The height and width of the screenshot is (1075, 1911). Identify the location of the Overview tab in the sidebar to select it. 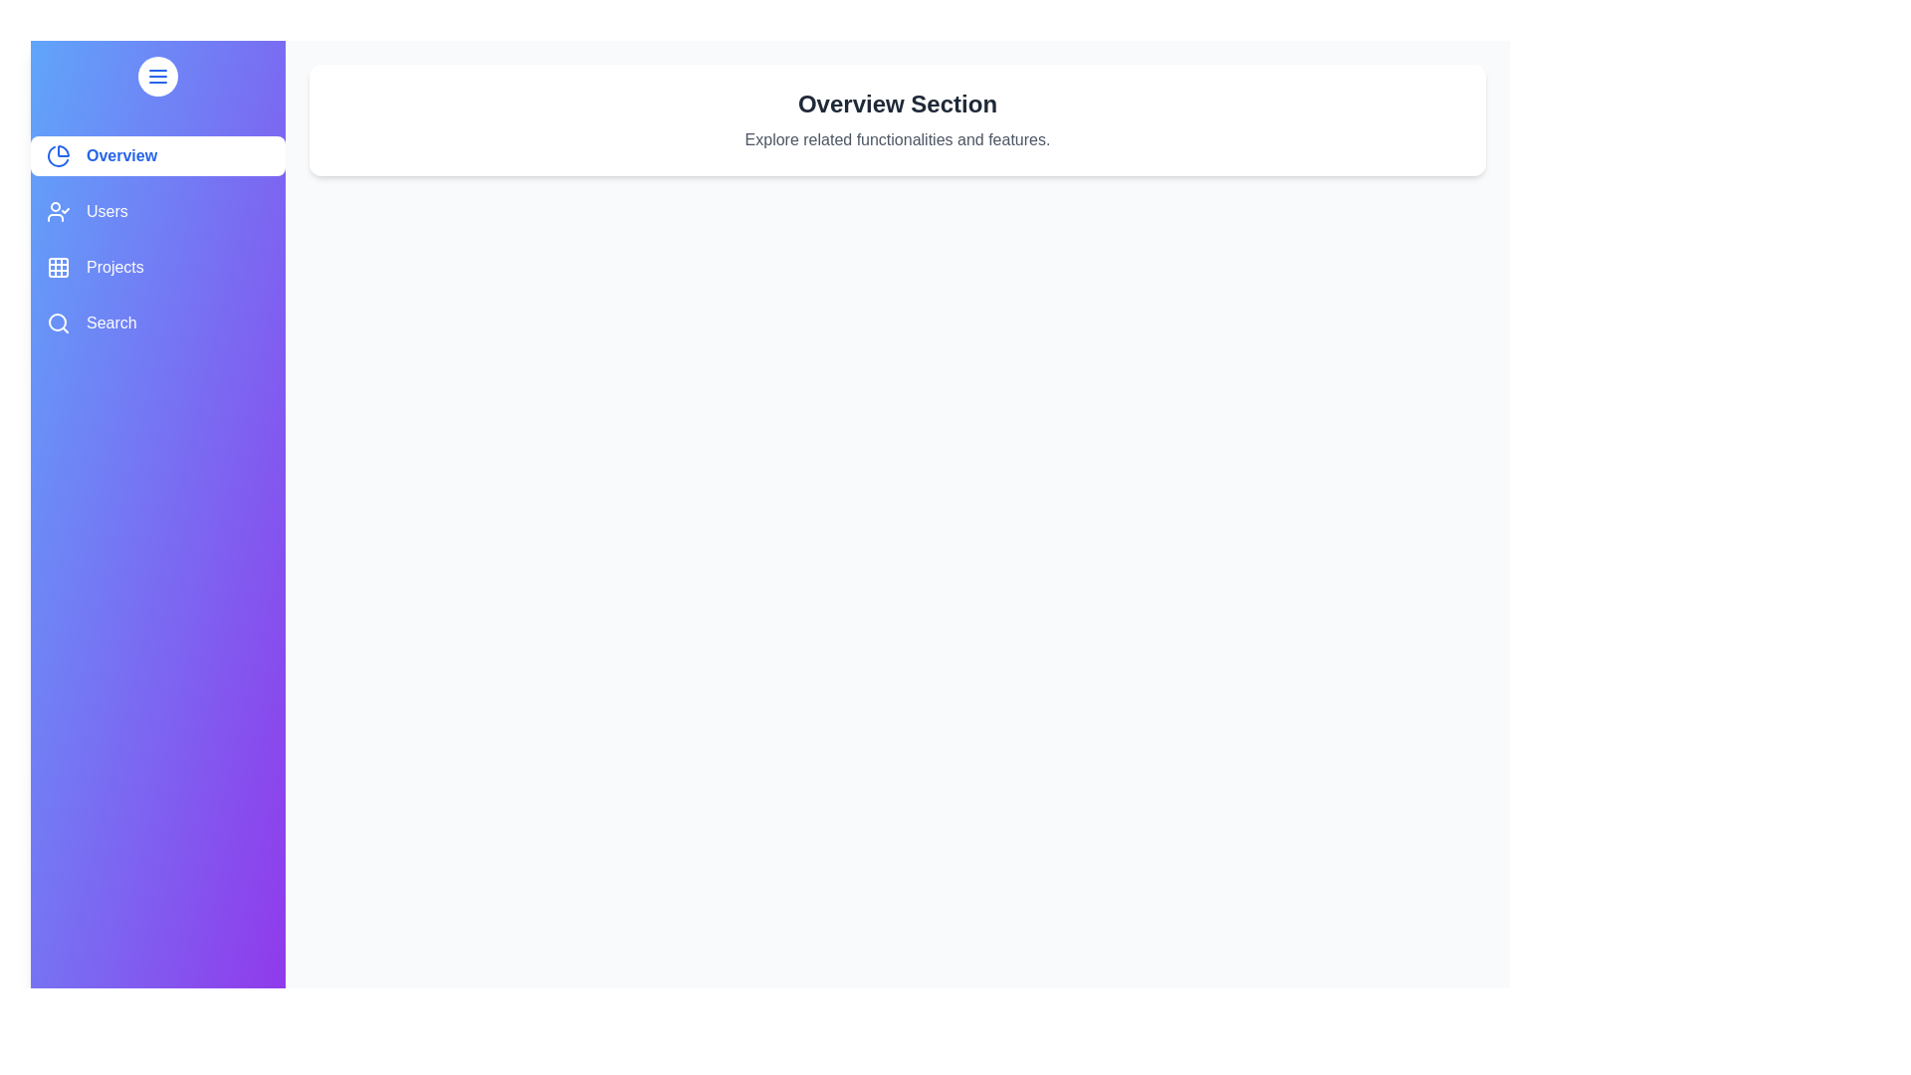
(156, 155).